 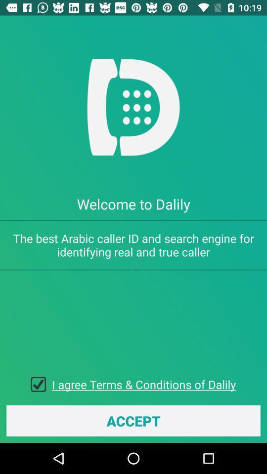 I want to click on the item at the bottom left corner, so click(x=41, y=384).